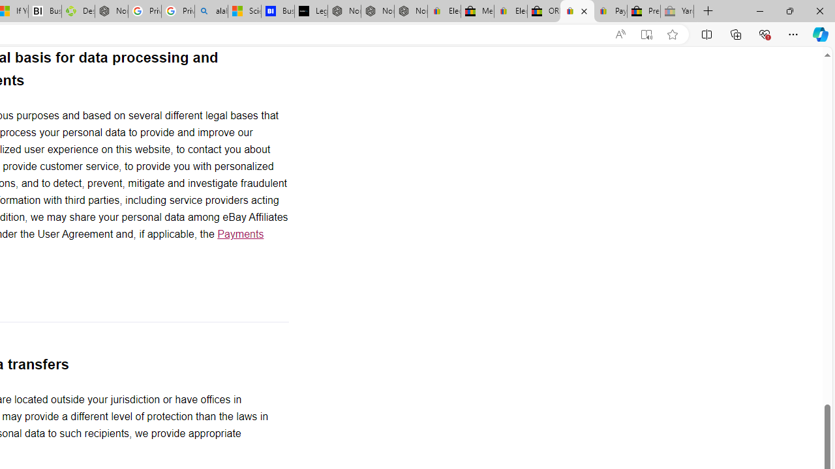 Image resolution: width=835 pixels, height=469 pixels. I want to click on 'Nordace - My Account', so click(111, 11).